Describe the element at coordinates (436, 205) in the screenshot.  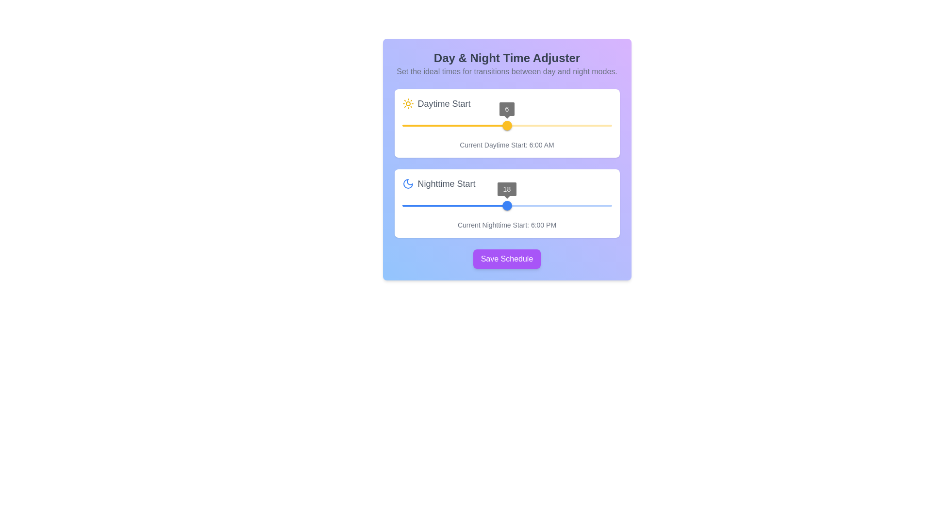
I see `the nighttime slider` at that location.